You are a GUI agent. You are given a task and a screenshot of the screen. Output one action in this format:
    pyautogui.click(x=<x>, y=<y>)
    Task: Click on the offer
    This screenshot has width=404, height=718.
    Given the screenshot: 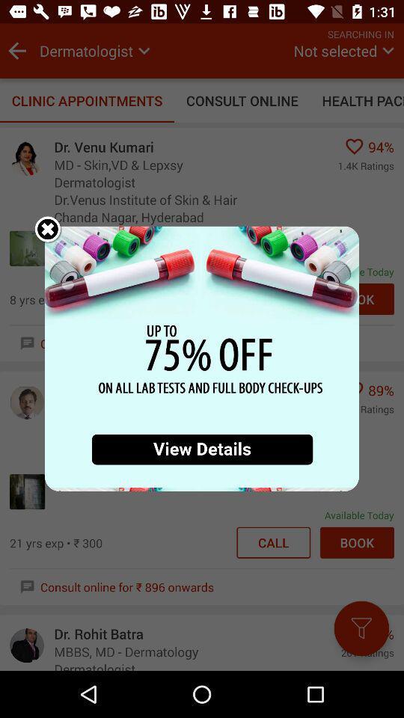 What is the action you would take?
    pyautogui.click(x=202, y=358)
    